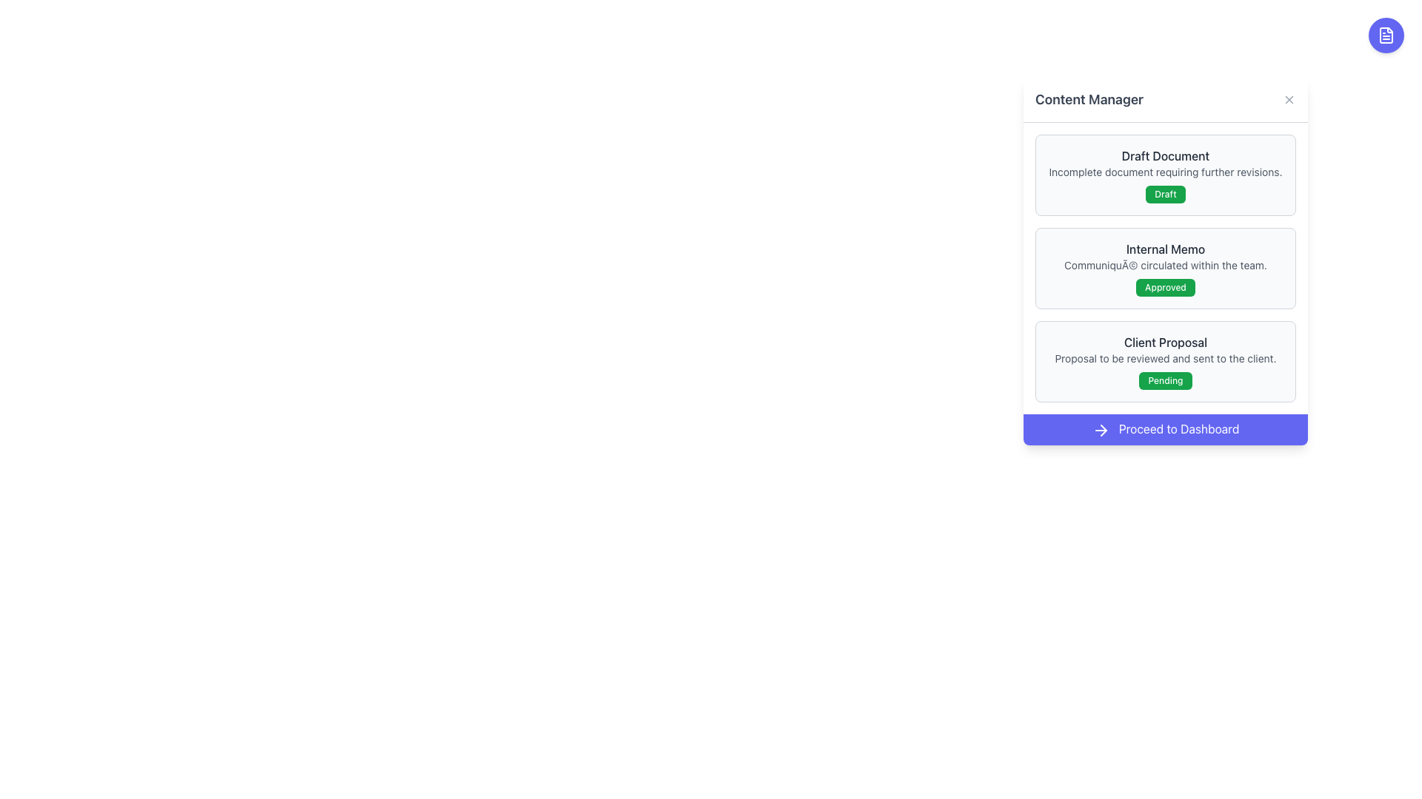 The width and height of the screenshot is (1422, 799). What do you see at coordinates (1165, 362) in the screenshot?
I see `contents of the Informational card, which is the third card in the vertical stack of three cards in the 'Content Manager' section` at bounding box center [1165, 362].